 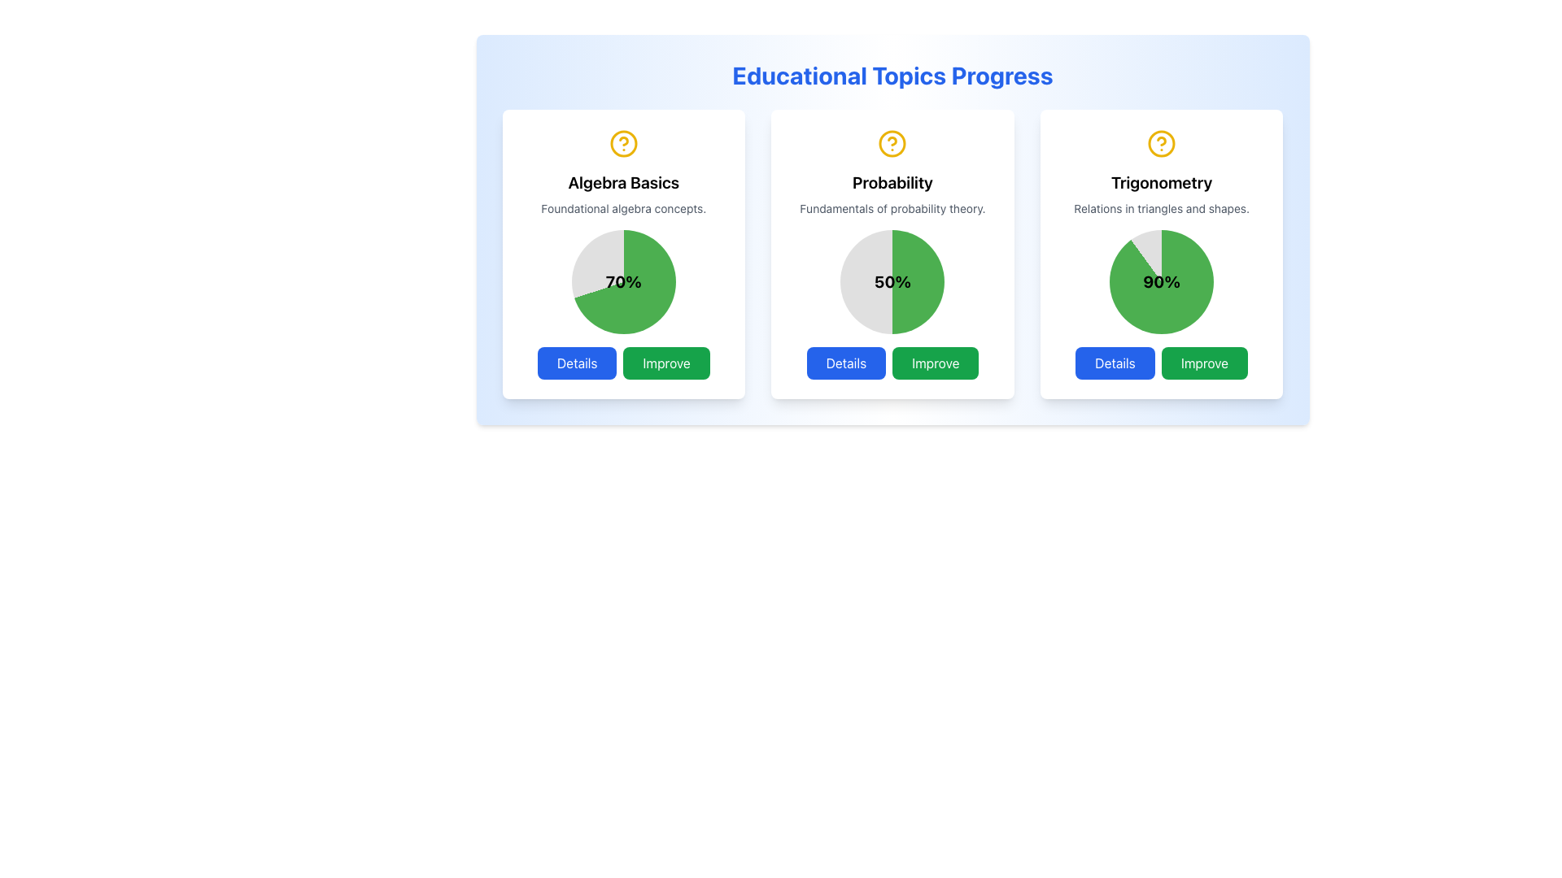 What do you see at coordinates (1115, 363) in the screenshot?
I see `the blue button labeled 'Details' to trigger its hover effect` at bounding box center [1115, 363].